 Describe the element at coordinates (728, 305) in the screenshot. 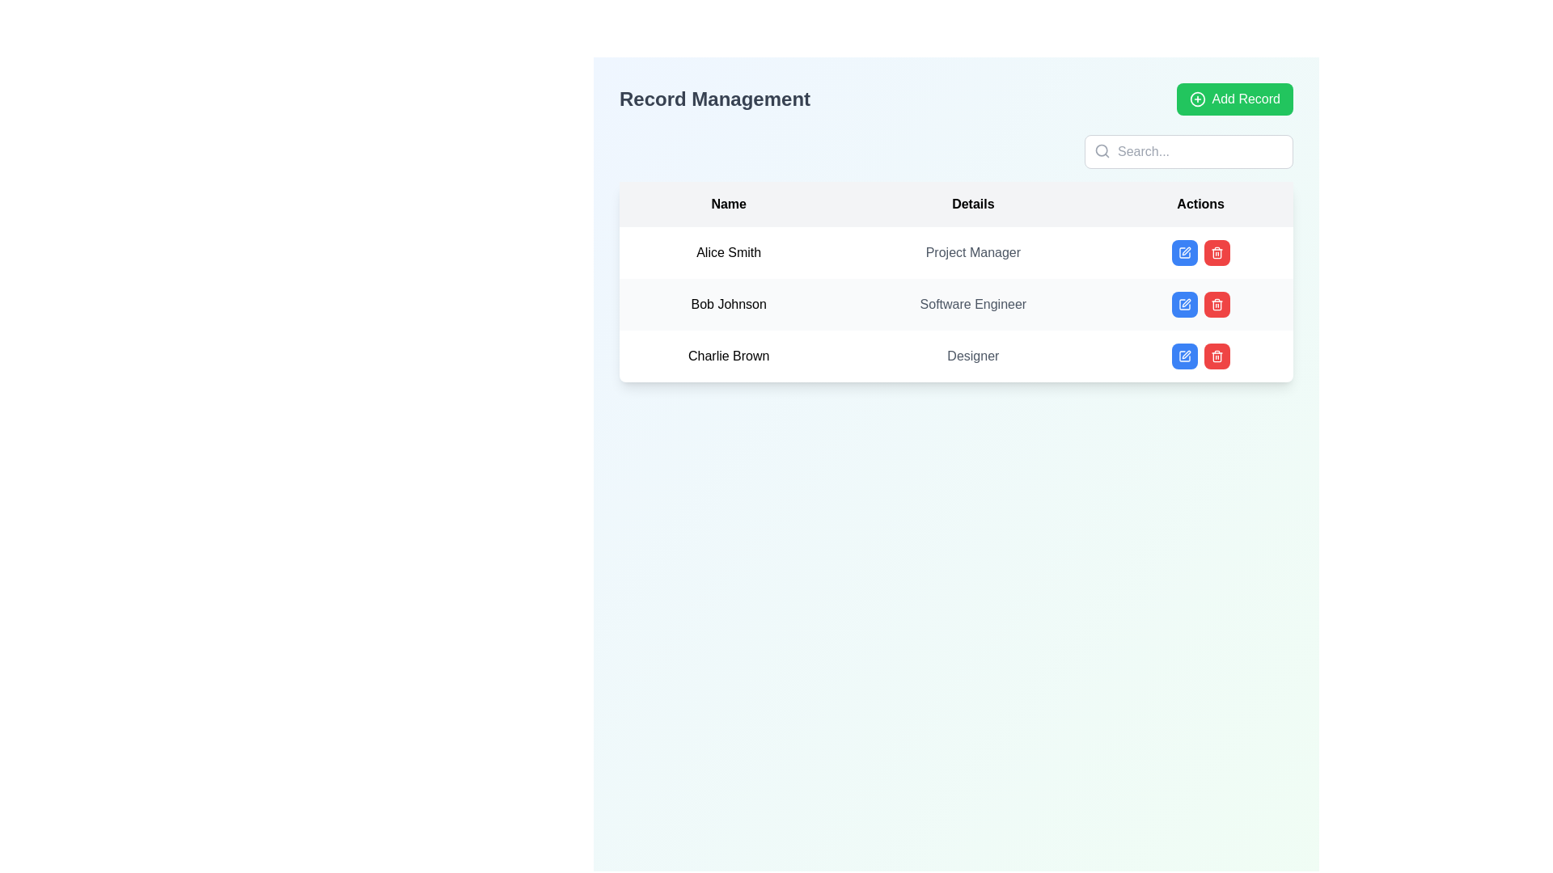

I see `the text label displaying 'Bob Johnson' in the second row of the table under the 'Name' column` at that location.